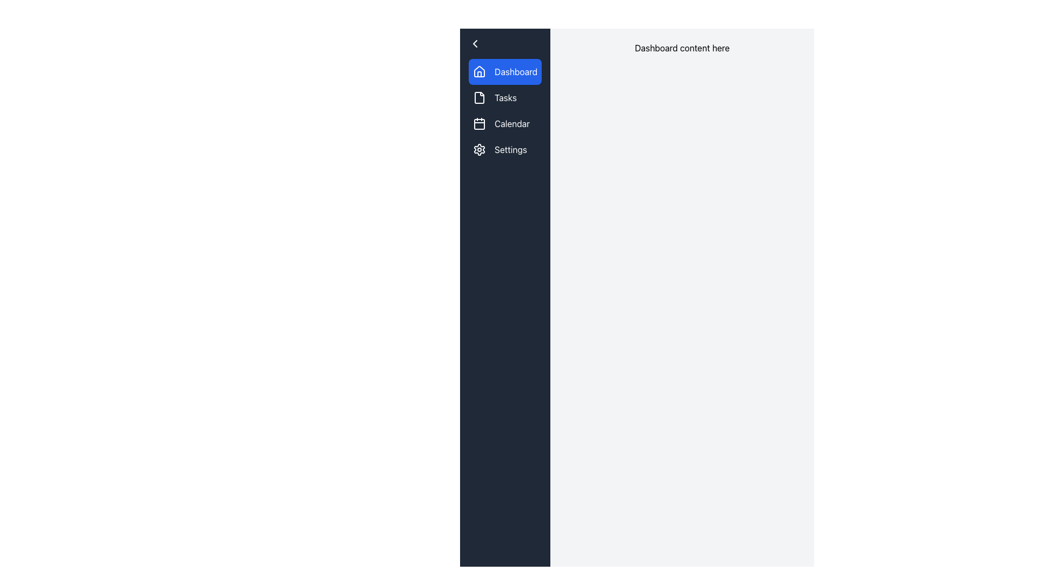 The height and width of the screenshot is (584, 1038). I want to click on the 'Tasks' button in the vertical navigation menu, so click(504, 98).